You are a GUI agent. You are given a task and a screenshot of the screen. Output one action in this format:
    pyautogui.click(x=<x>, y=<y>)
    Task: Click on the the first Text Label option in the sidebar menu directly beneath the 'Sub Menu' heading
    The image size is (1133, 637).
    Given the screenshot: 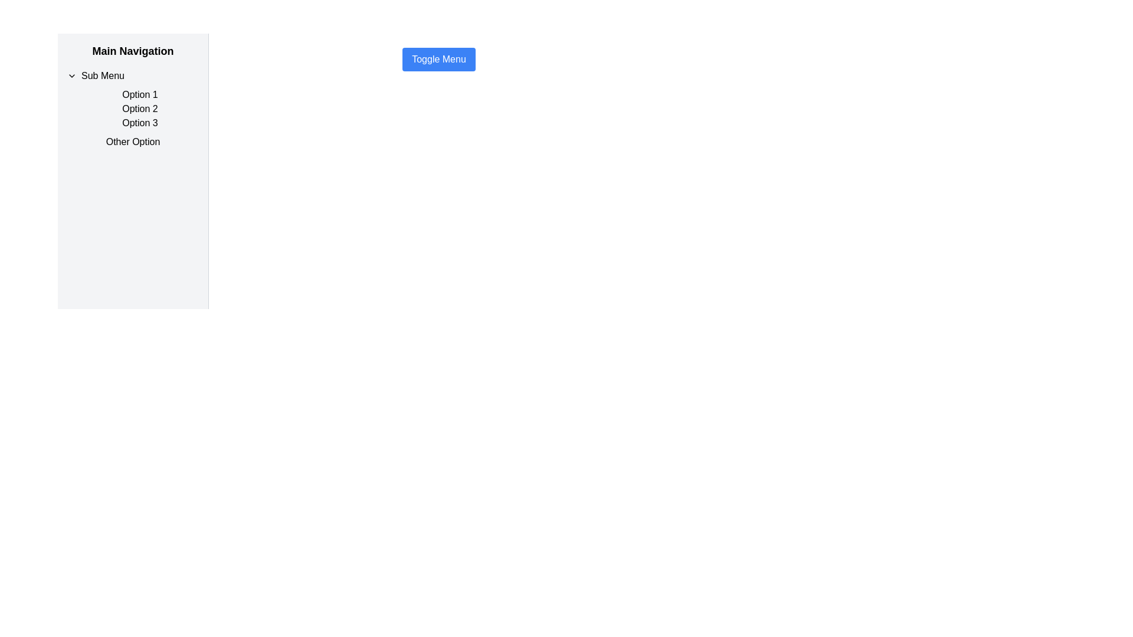 What is the action you would take?
    pyautogui.click(x=140, y=94)
    